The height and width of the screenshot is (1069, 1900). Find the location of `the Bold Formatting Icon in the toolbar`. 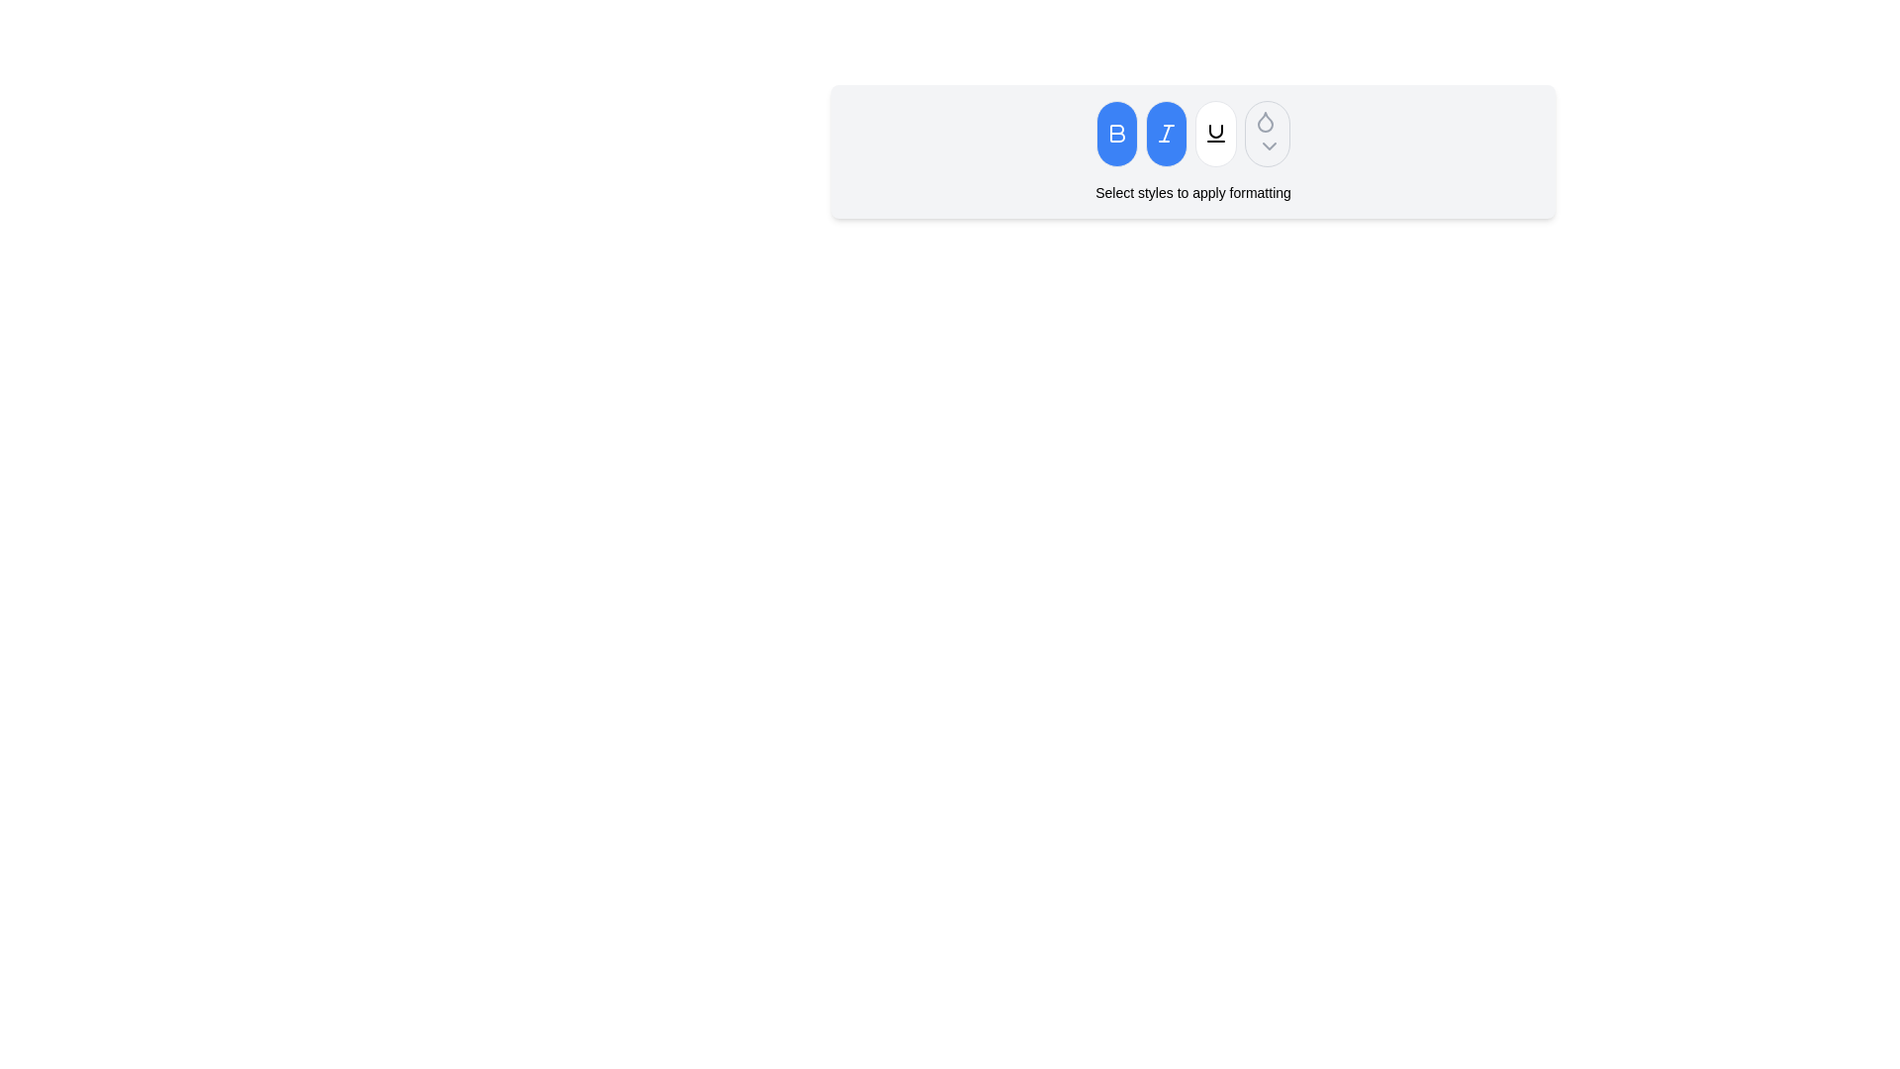

the Bold Formatting Icon in the toolbar is located at coordinates (1117, 134).